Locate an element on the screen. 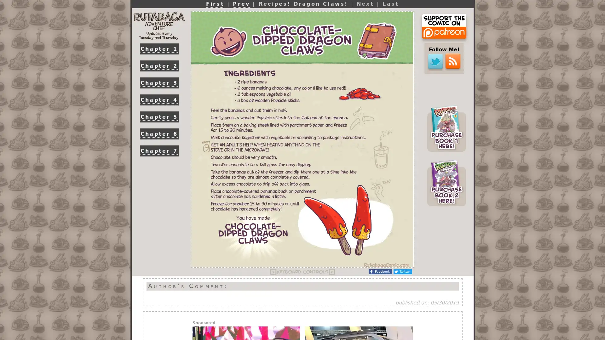 This screenshot has width=605, height=340. Share to FacebookFacebook is located at coordinates (380, 271).